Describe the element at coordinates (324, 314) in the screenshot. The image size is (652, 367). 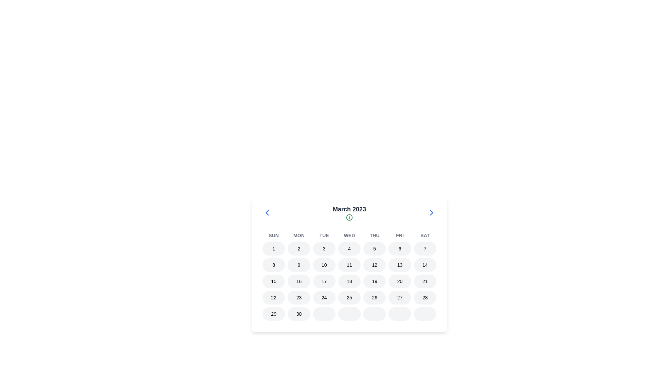
I see `the third circular button in the bottom row of the calendar interface` at that location.